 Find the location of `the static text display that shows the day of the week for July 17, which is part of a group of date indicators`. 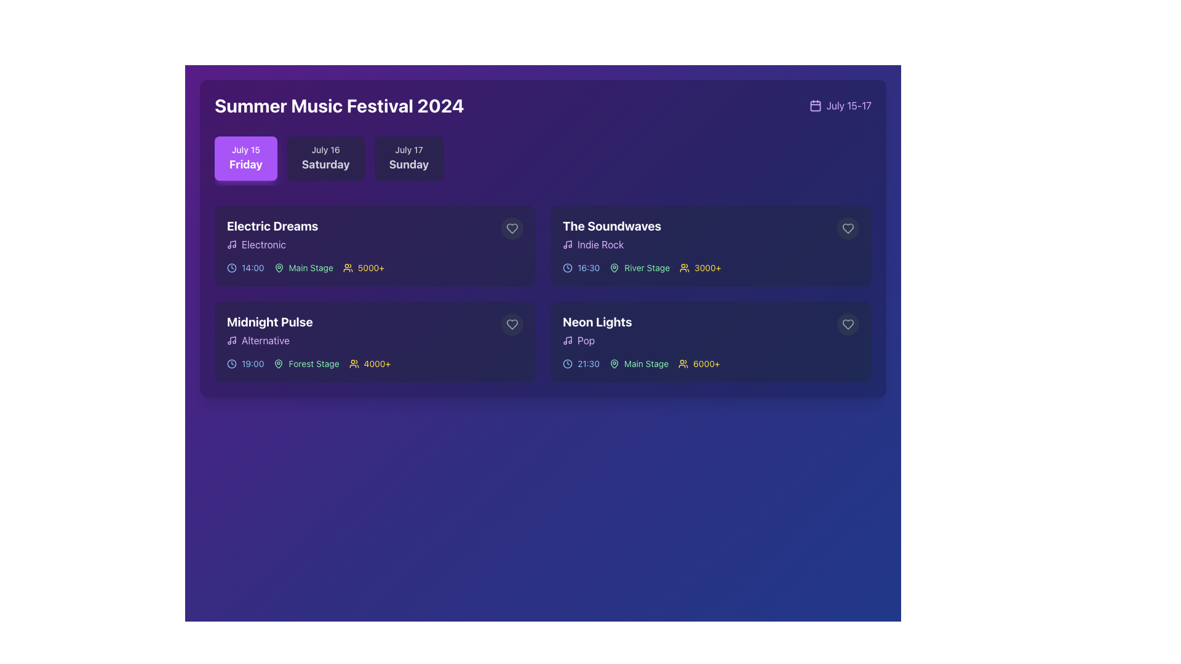

the static text display that shows the day of the week for July 17, which is part of a group of date indicators is located at coordinates (409, 164).